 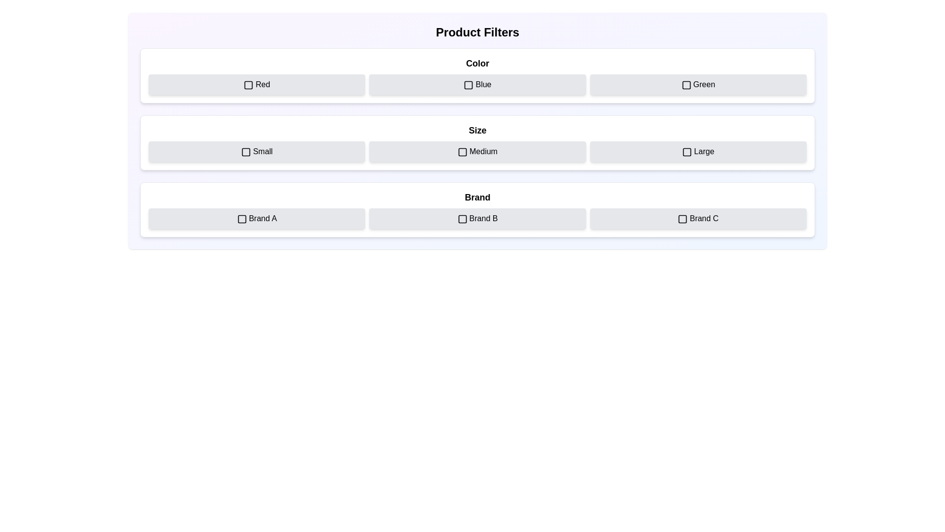 What do you see at coordinates (468, 84) in the screenshot?
I see `the checkbox icon inside the 'Blue' button in the 'Color' filter section` at bounding box center [468, 84].